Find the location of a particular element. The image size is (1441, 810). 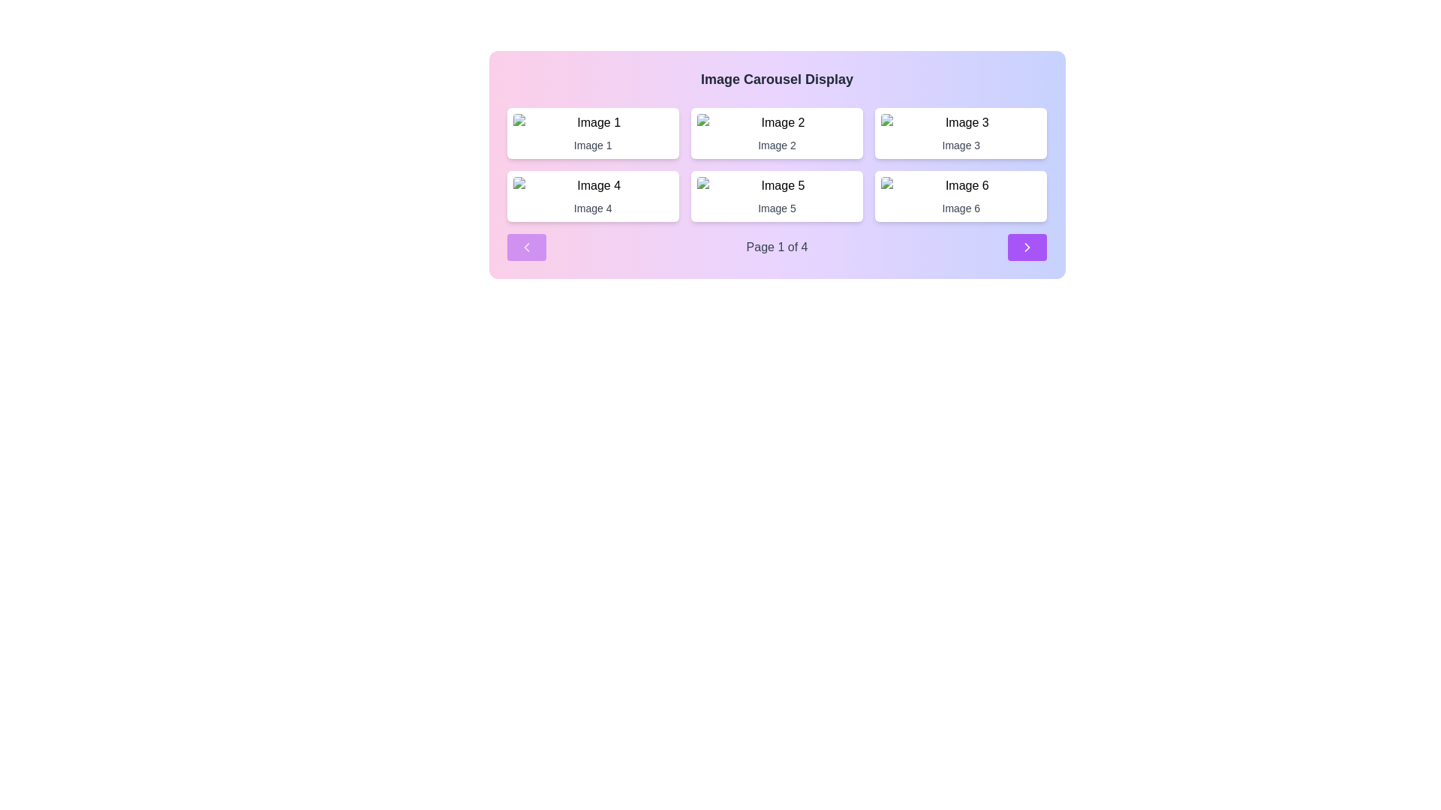

the Text Label that serves as a descriptive label for the associated image above it, positioned beneath the image thumbnail labeled 'Image 4' is located at coordinates (592, 208).